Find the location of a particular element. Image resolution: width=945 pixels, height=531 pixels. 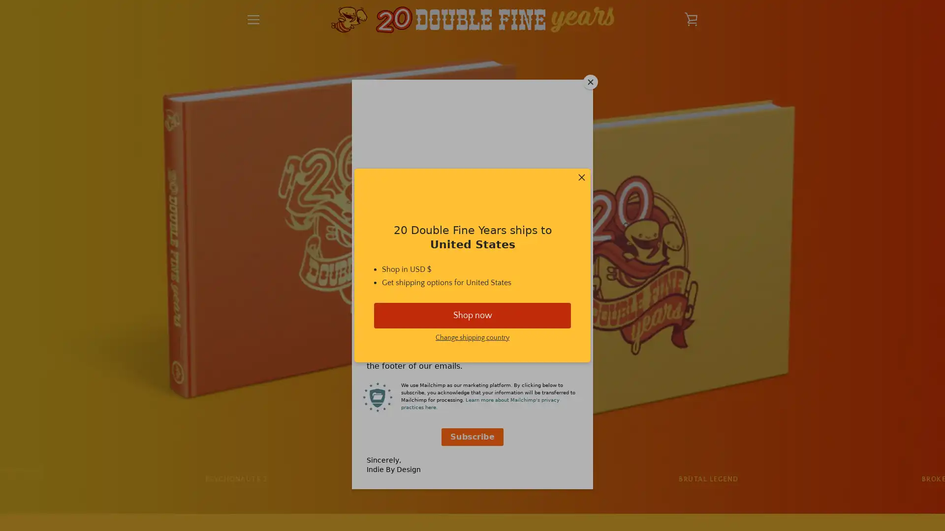

MENU is located at coordinates (253, 19).